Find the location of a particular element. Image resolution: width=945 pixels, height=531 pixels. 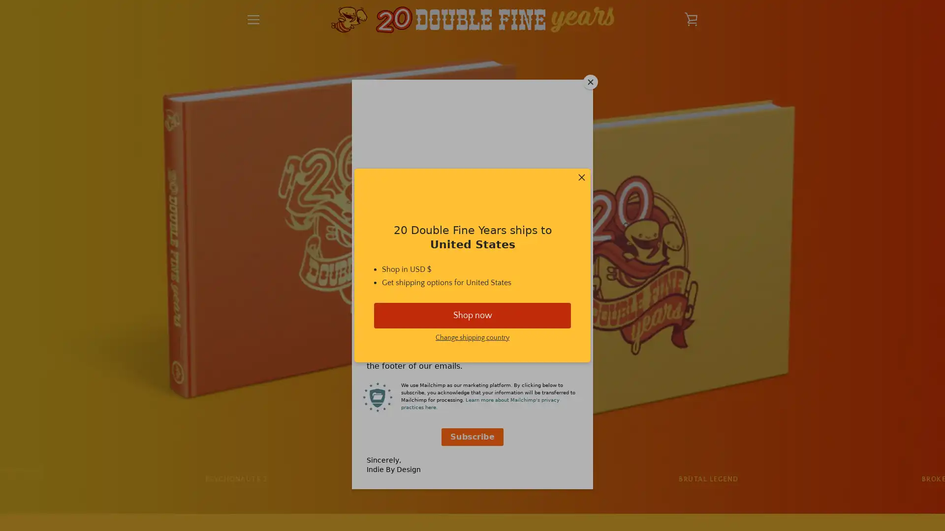

MENU is located at coordinates (253, 19).